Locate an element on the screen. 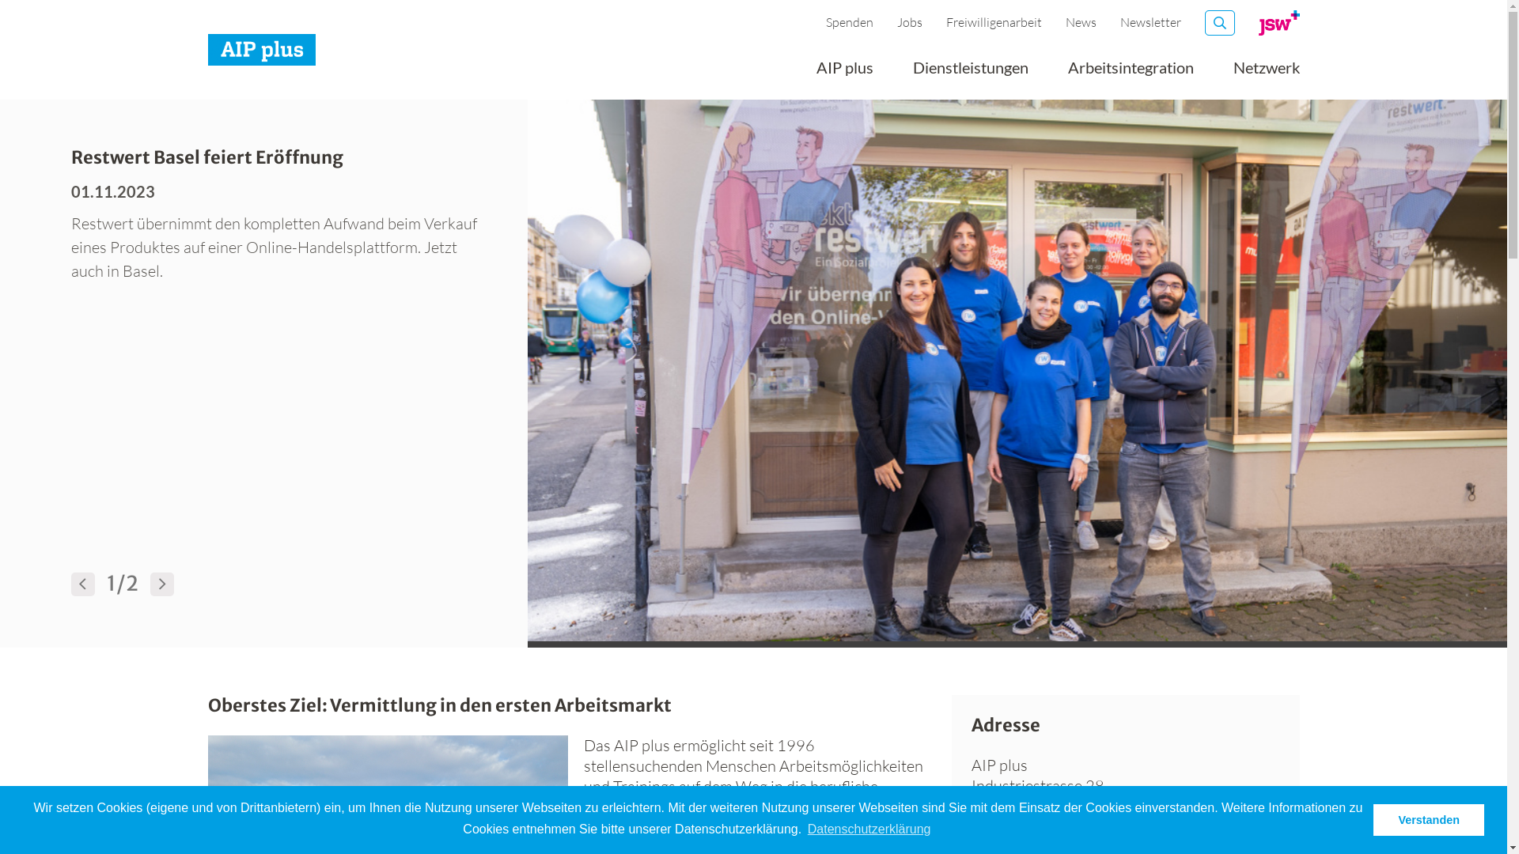 The width and height of the screenshot is (1519, 854). 'Dienstleistungen' is located at coordinates (970, 73).